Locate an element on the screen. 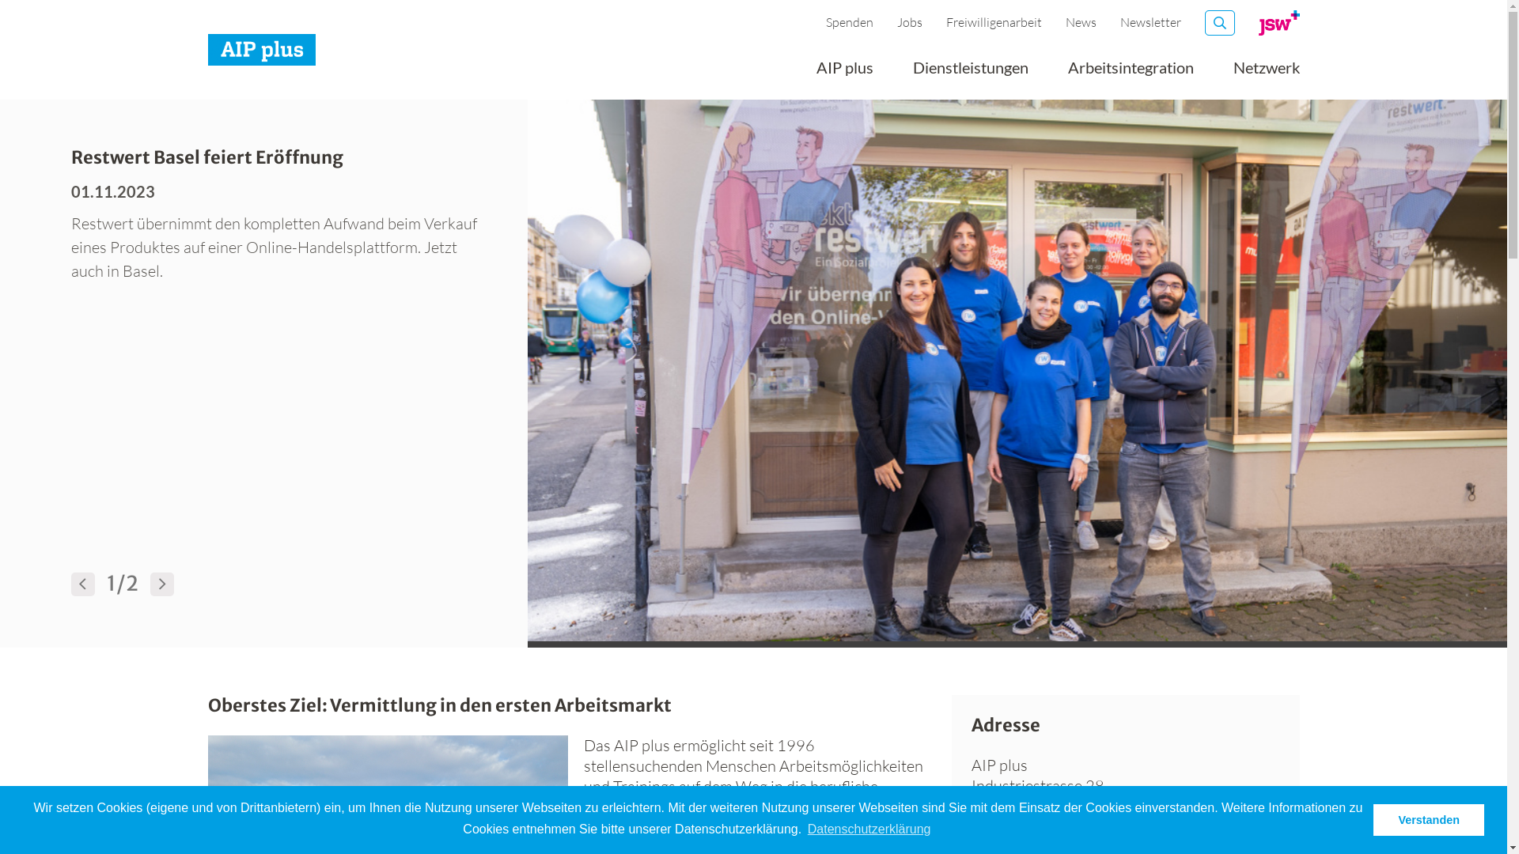 The width and height of the screenshot is (1519, 854). 'Dienstleistungen' is located at coordinates (970, 73).